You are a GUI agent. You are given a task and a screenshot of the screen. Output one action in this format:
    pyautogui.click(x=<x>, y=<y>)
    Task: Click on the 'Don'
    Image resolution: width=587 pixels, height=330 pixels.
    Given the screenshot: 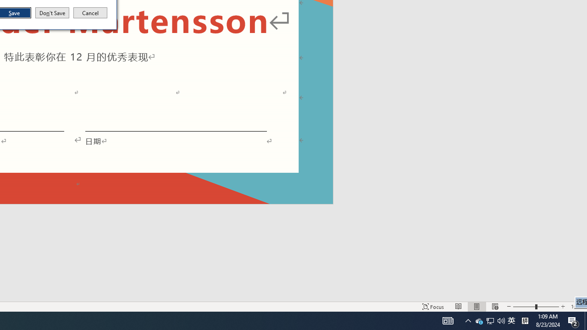 What is the action you would take?
    pyautogui.click(x=51, y=13)
    